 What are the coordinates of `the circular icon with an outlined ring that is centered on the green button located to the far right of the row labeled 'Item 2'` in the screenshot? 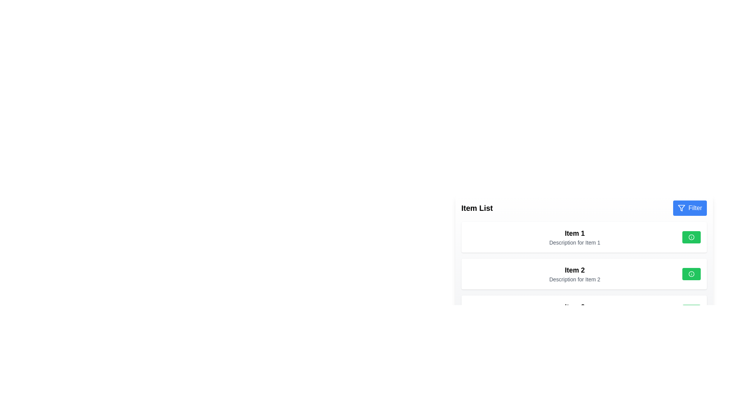 It's located at (691, 273).